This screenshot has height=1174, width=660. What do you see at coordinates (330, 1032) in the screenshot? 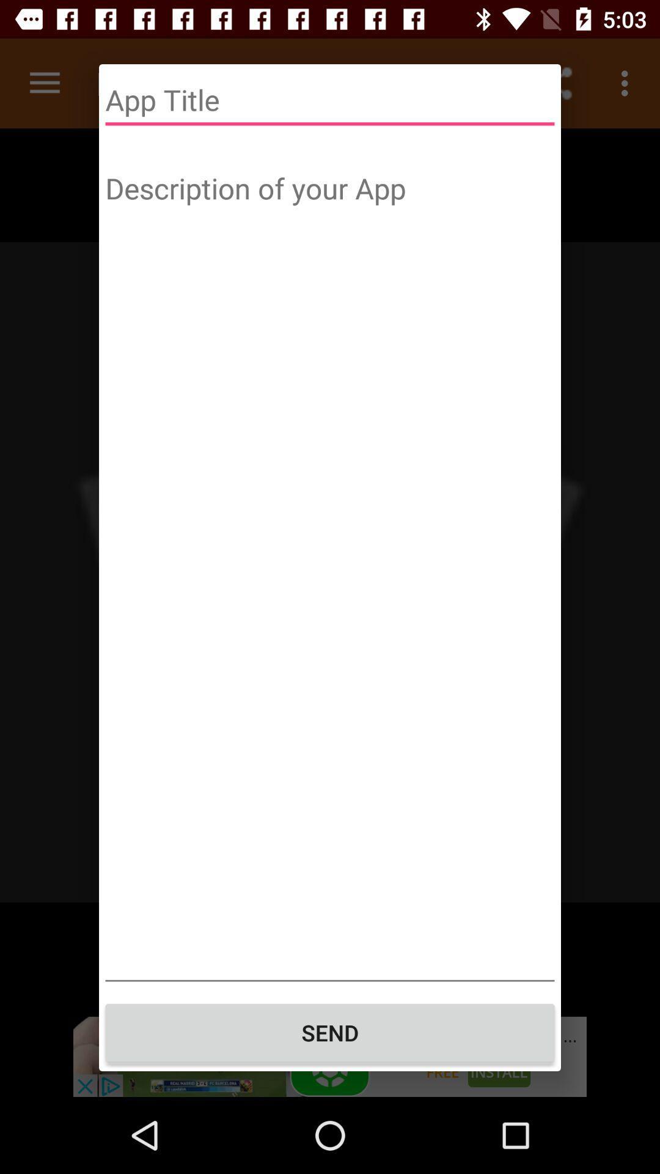
I see `the send icon` at bounding box center [330, 1032].